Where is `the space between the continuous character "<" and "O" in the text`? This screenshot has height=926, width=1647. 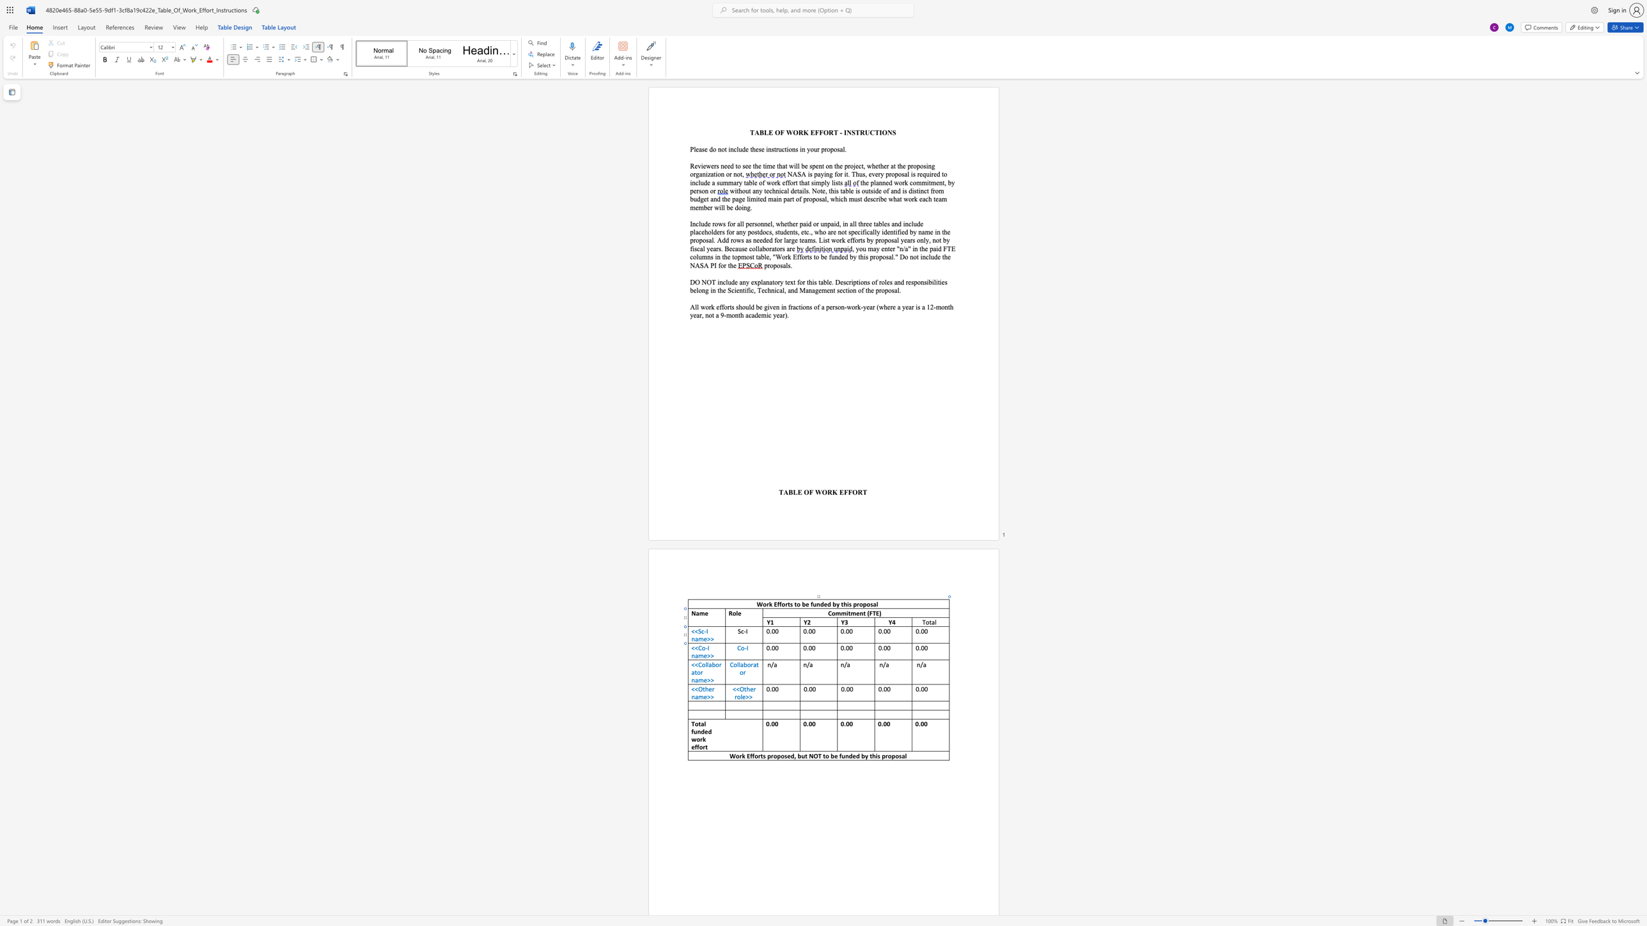
the space between the continuous character "<" and "O" in the text is located at coordinates (739, 688).